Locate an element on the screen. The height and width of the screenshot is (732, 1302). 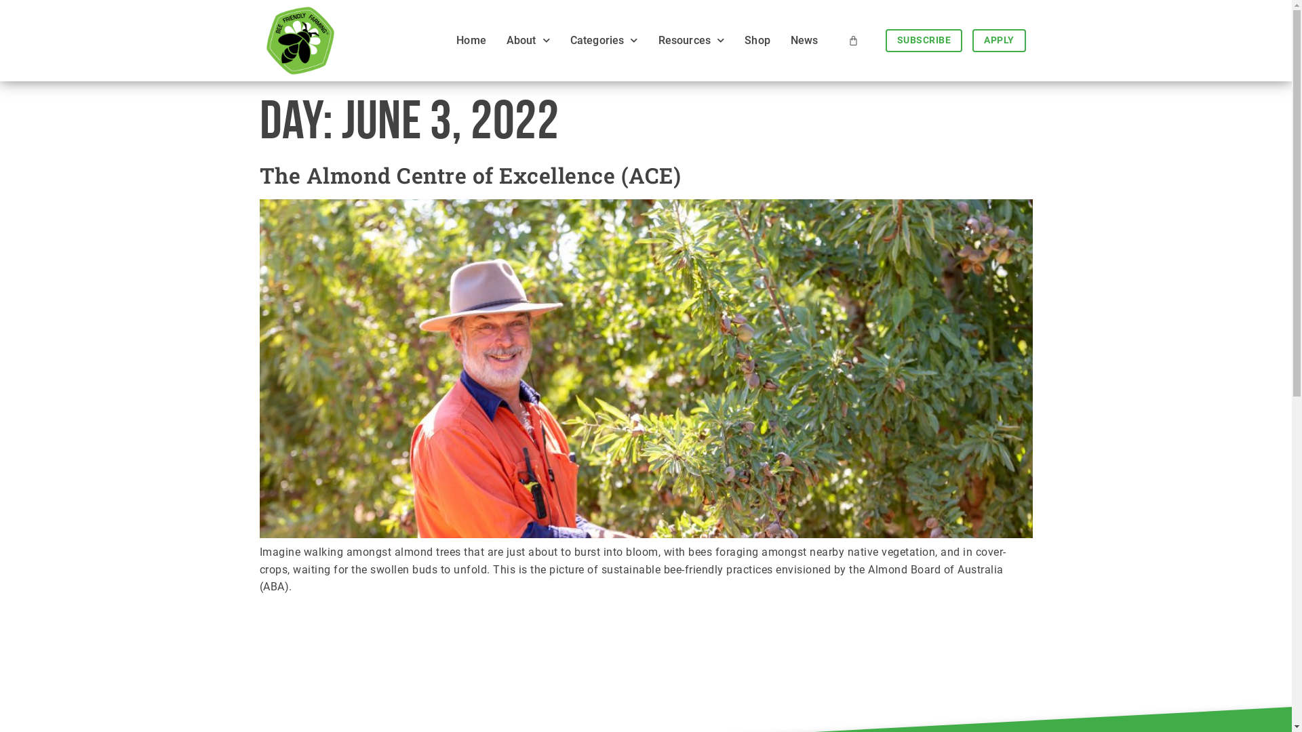
'Categories' is located at coordinates (556, 40).